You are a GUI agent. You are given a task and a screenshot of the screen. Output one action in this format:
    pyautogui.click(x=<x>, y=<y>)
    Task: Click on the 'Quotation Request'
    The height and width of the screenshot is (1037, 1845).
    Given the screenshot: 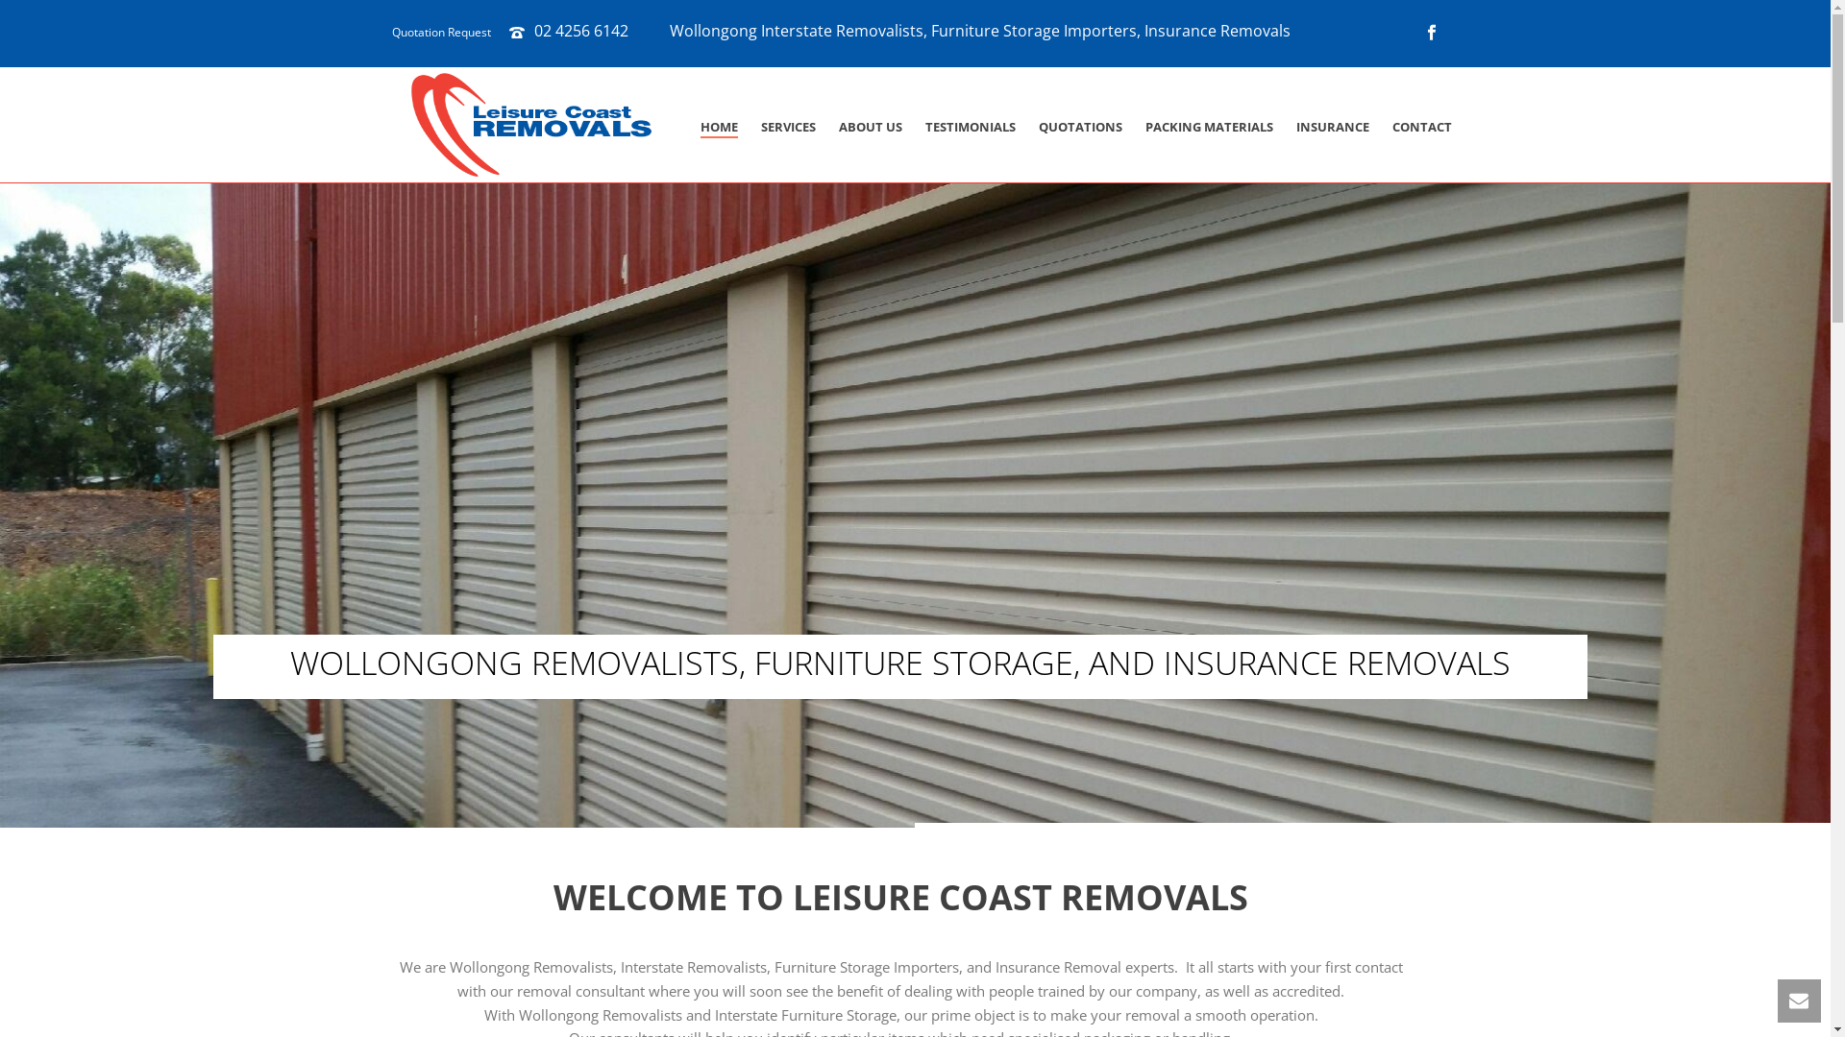 What is the action you would take?
    pyautogui.click(x=385, y=33)
    